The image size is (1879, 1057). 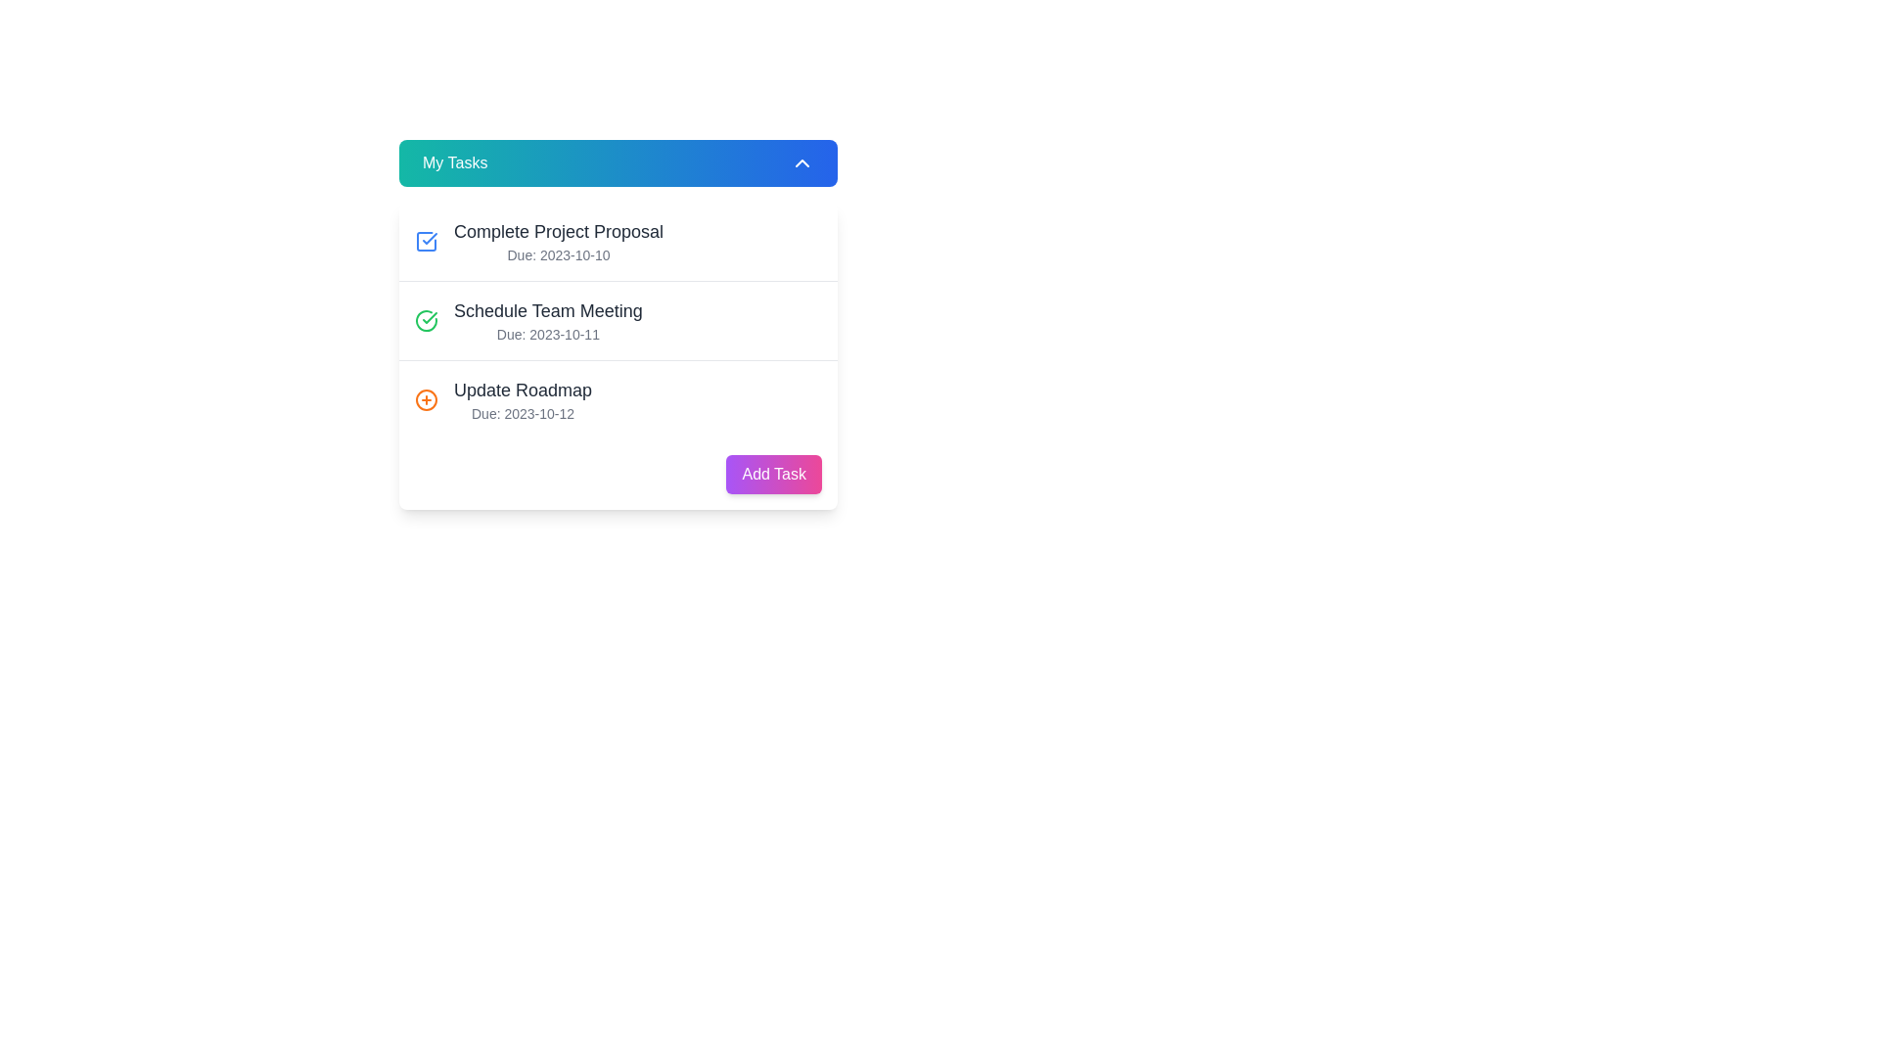 I want to click on the arrow-shaped toggle icon located at the top-right corner of the 'My Tasks' header, so click(x=802, y=161).